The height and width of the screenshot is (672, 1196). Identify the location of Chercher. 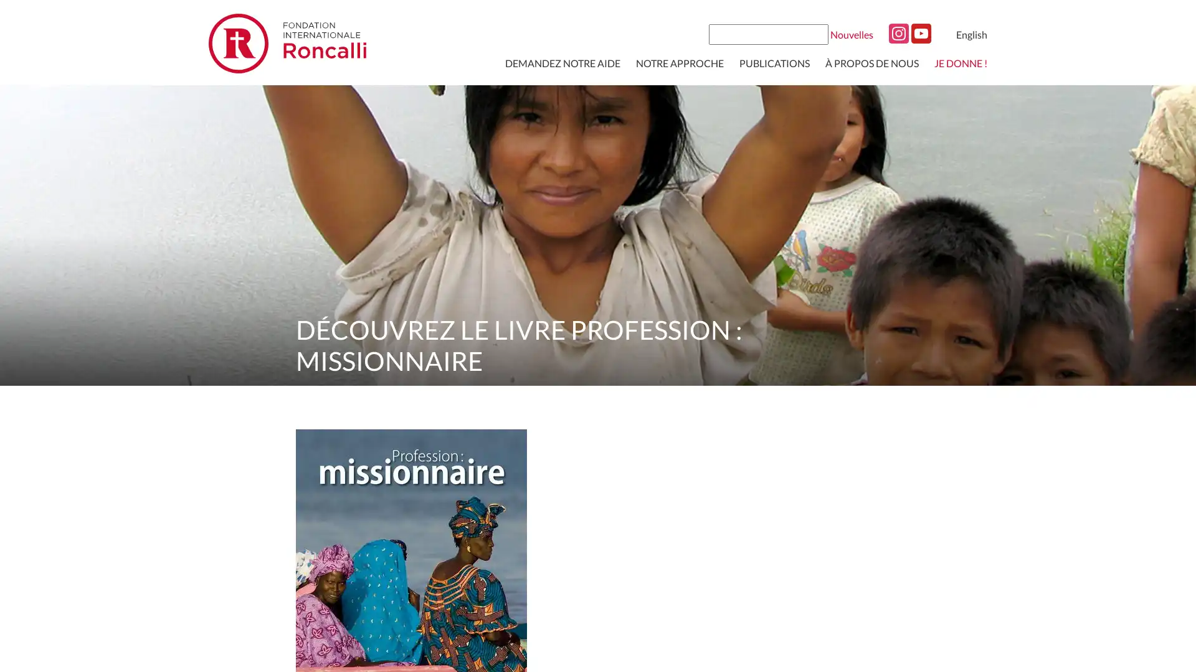
(817, 33).